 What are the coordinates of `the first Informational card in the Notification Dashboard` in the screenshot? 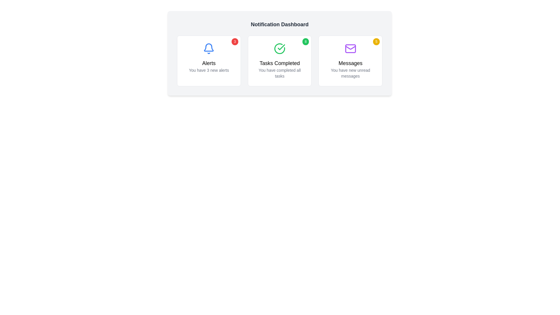 It's located at (209, 61).